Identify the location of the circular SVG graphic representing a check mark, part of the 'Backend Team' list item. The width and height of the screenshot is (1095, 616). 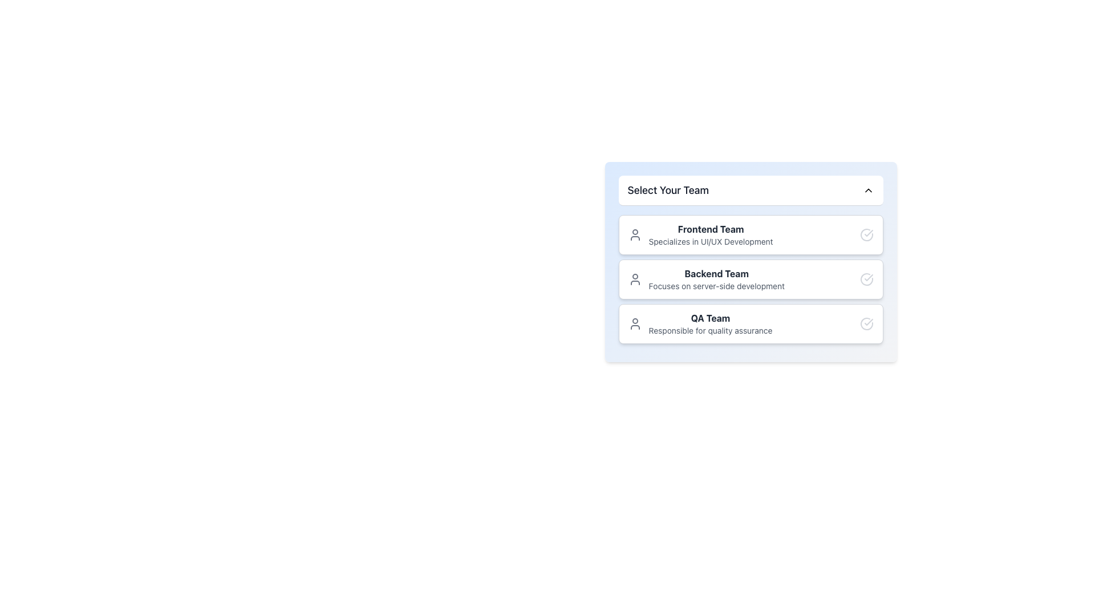
(866, 279).